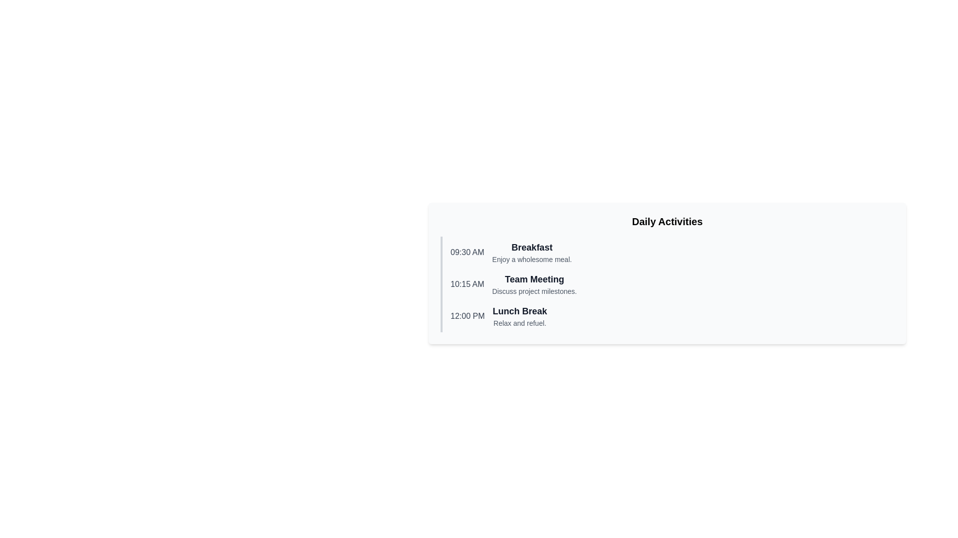 This screenshot has width=958, height=538. What do you see at coordinates (534, 291) in the screenshot?
I see `the text element displaying 'Discuss project milestones.' located below the 'Team Meeting' header` at bounding box center [534, 291].